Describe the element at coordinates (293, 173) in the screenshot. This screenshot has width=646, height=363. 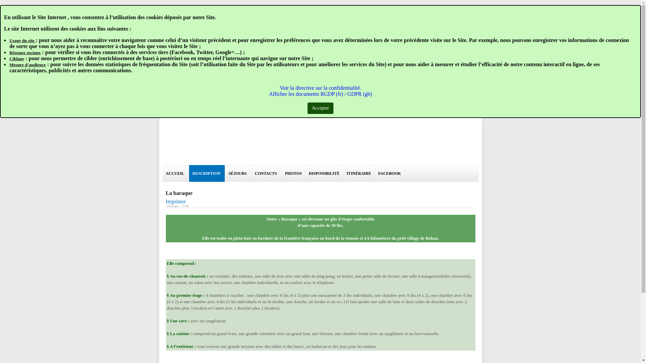
I see `'PHOTOS'` at that location.